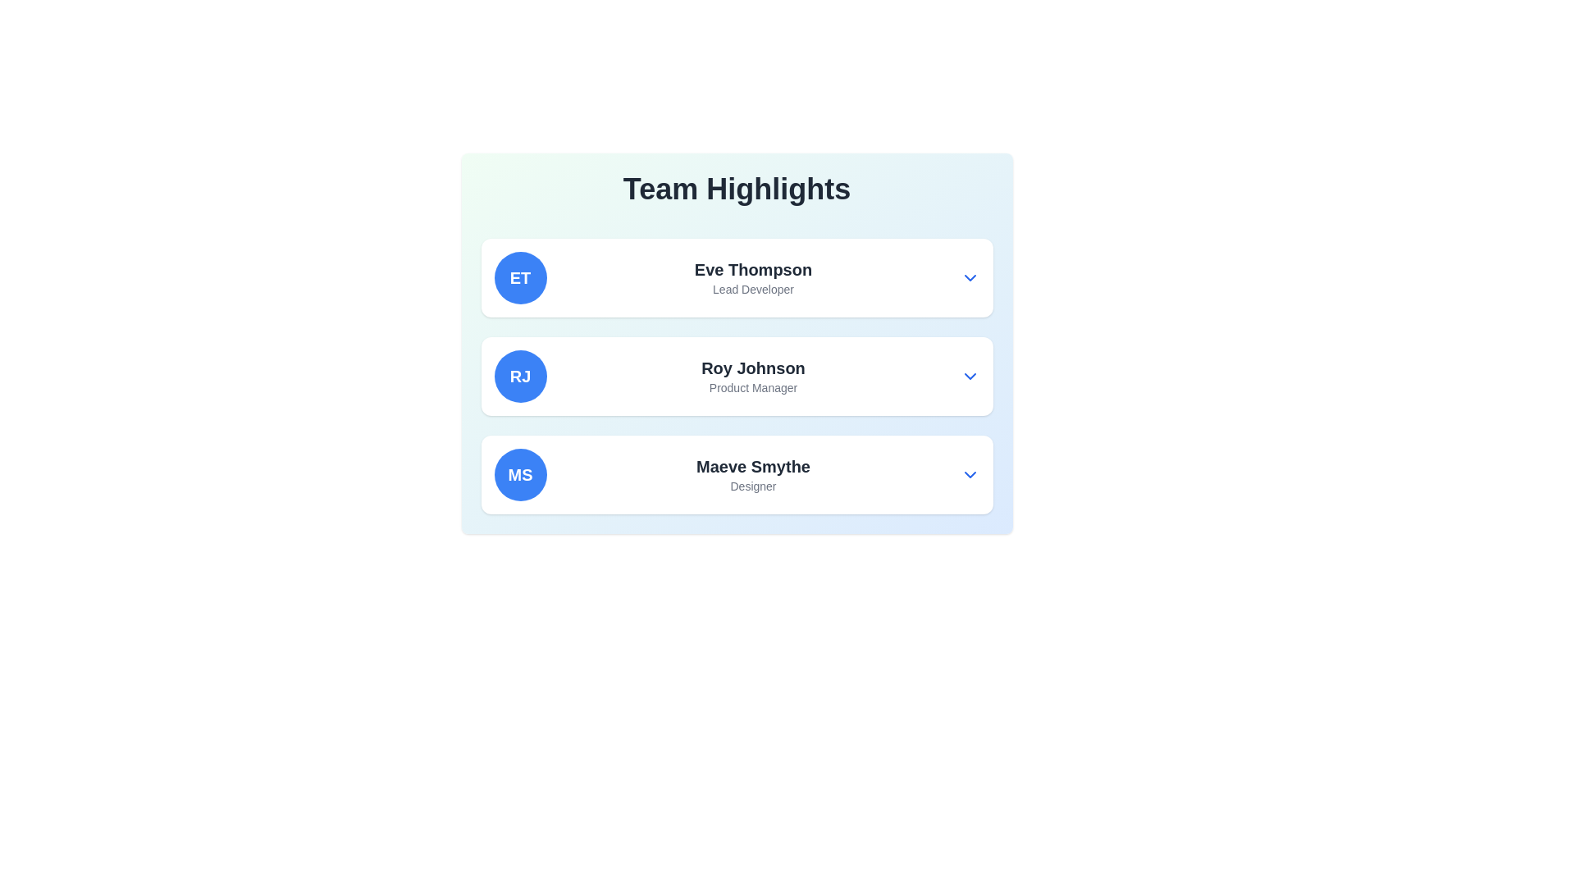  I want to click on the Circular Badge representing 'Eve Thompson', which is the leftmost element in the team member list, so click(519, 277).